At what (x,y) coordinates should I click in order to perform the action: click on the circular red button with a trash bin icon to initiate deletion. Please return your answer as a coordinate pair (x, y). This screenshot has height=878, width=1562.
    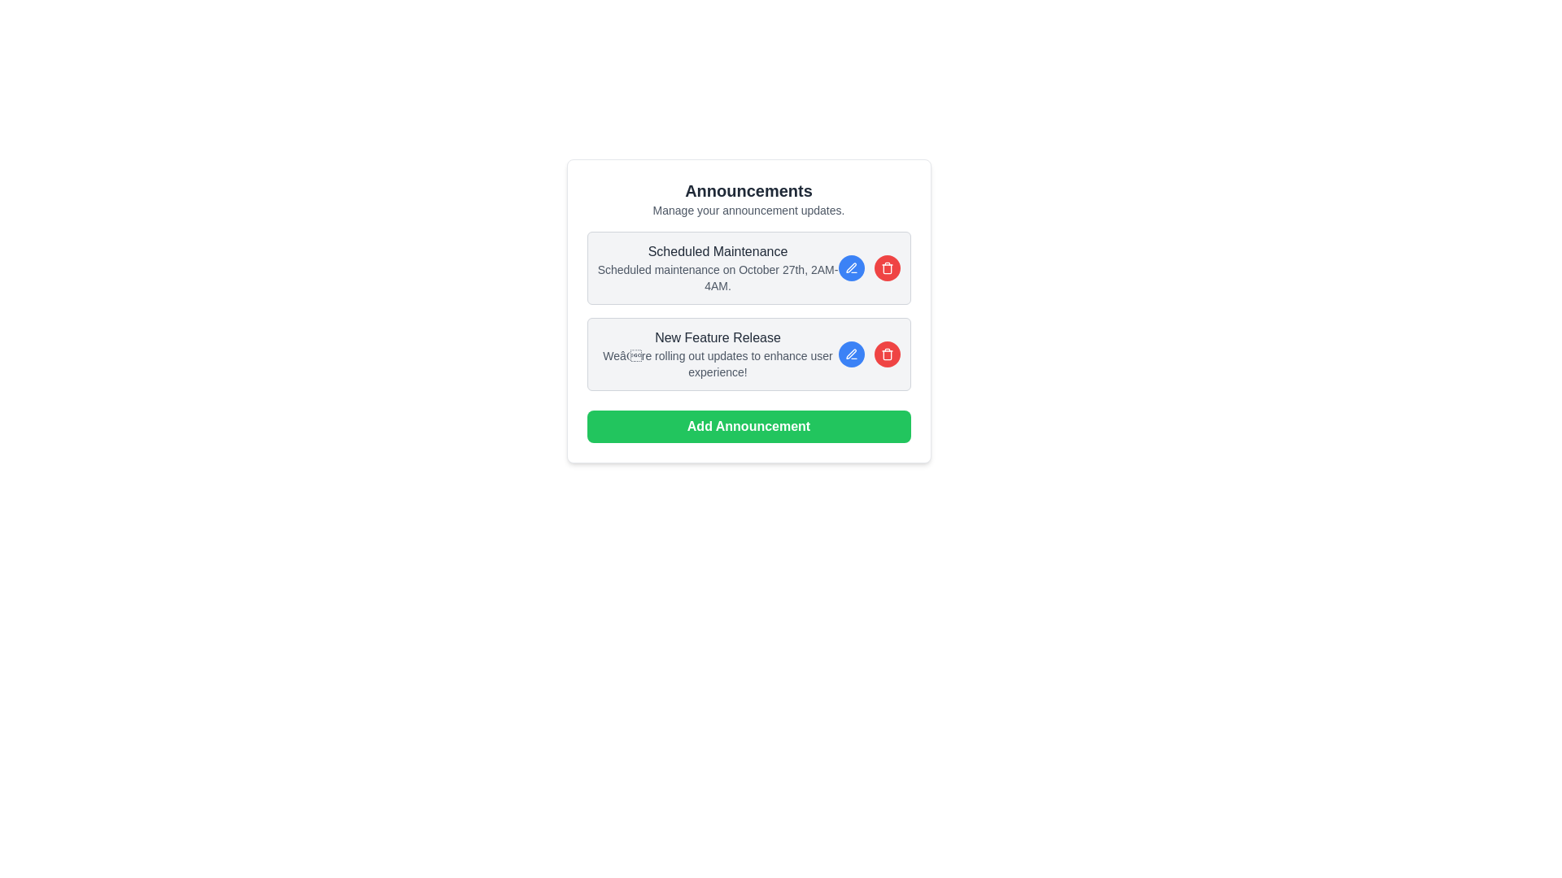
    Looking at the image, I should click on (886, 267).